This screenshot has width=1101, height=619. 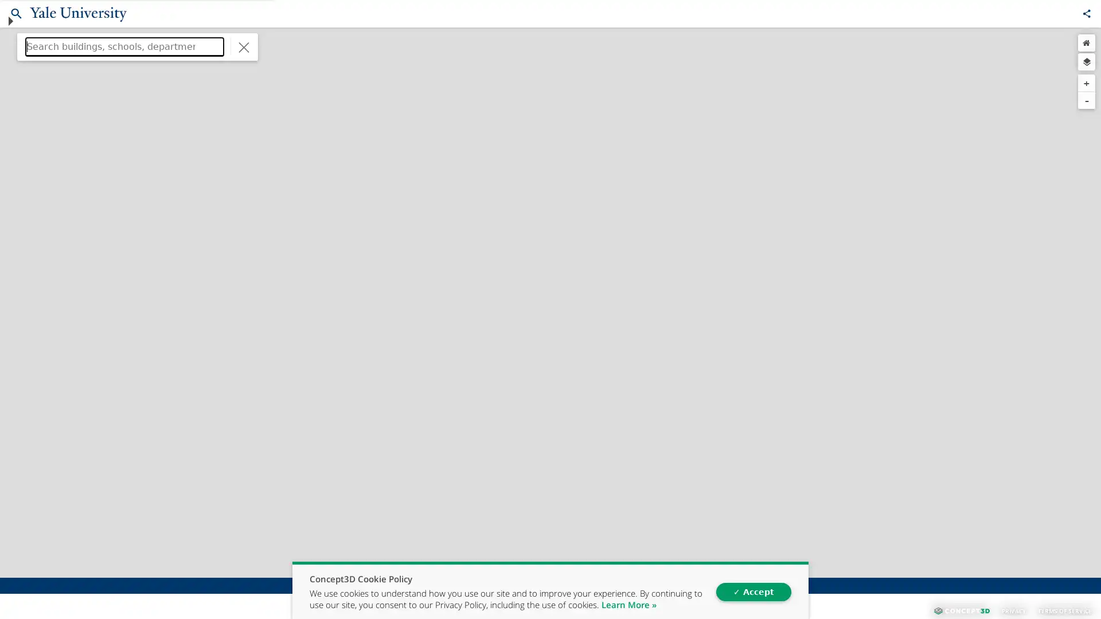 I want to click on Reset map view, so click(x=1086, y=44).